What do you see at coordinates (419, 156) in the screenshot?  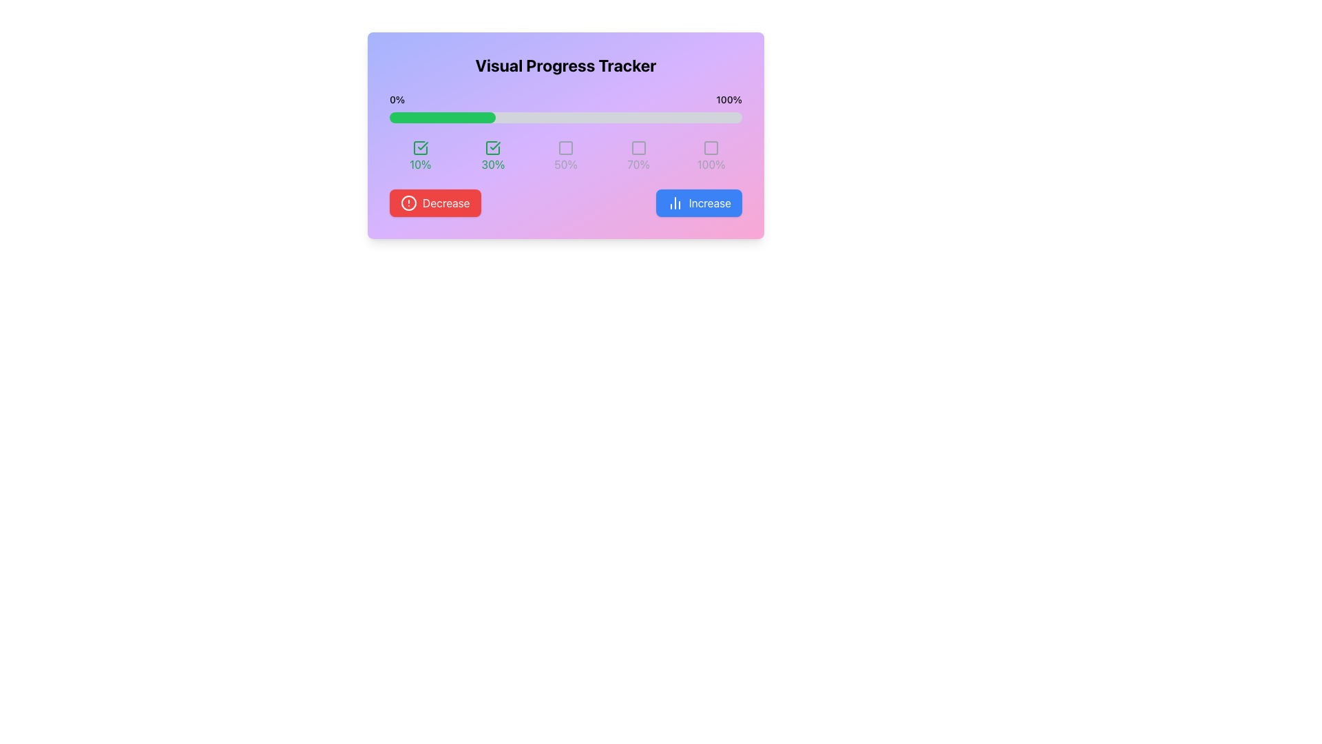 I see `percentage value from the first Progress Indicator, which shows 10% completion in a grid layout below the progress bar` at bounding box center [419, 156].